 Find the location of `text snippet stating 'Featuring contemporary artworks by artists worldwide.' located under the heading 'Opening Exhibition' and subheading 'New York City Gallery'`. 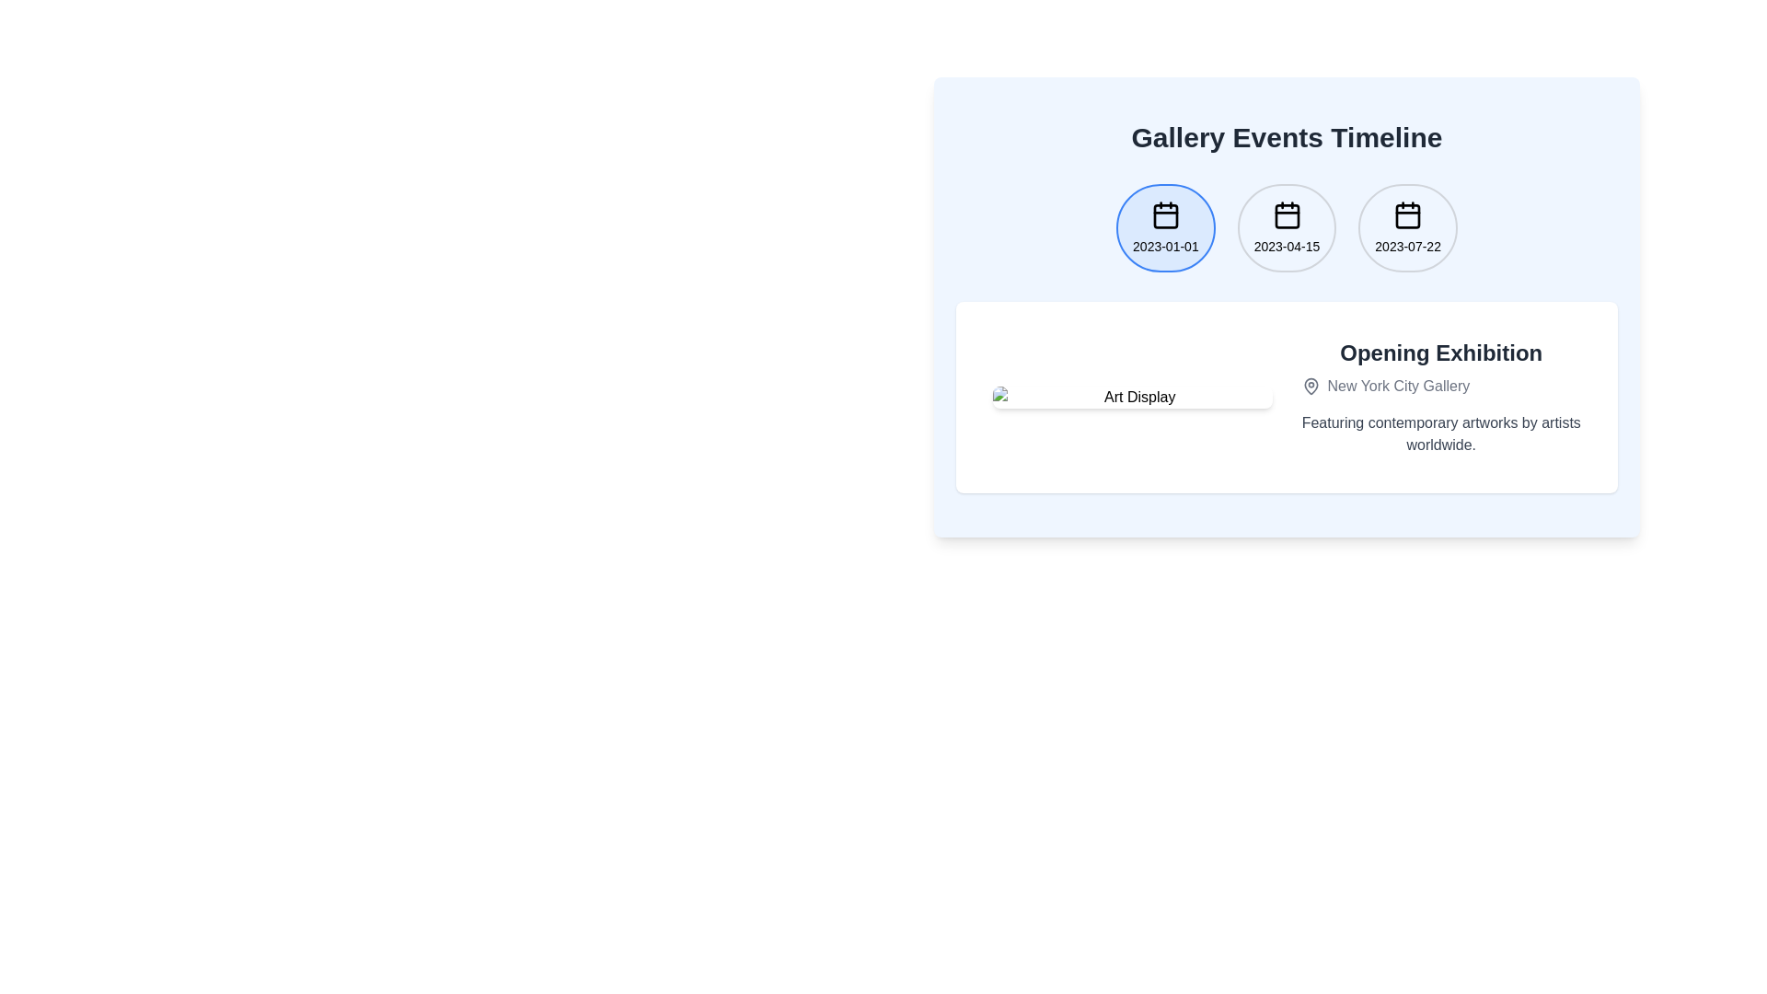

text snippet stating 'Featuring contemporary artworks by artists worldwide.' located under the heading 'Opening Exhibition' and subheading 'New York City Gallery' is located at coordinates (1440, 433).